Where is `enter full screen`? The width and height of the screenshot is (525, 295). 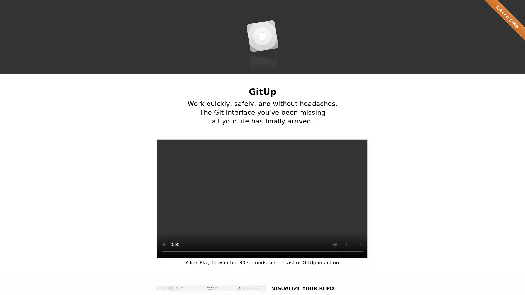
enter full screen is located at coordinates (348, 244).